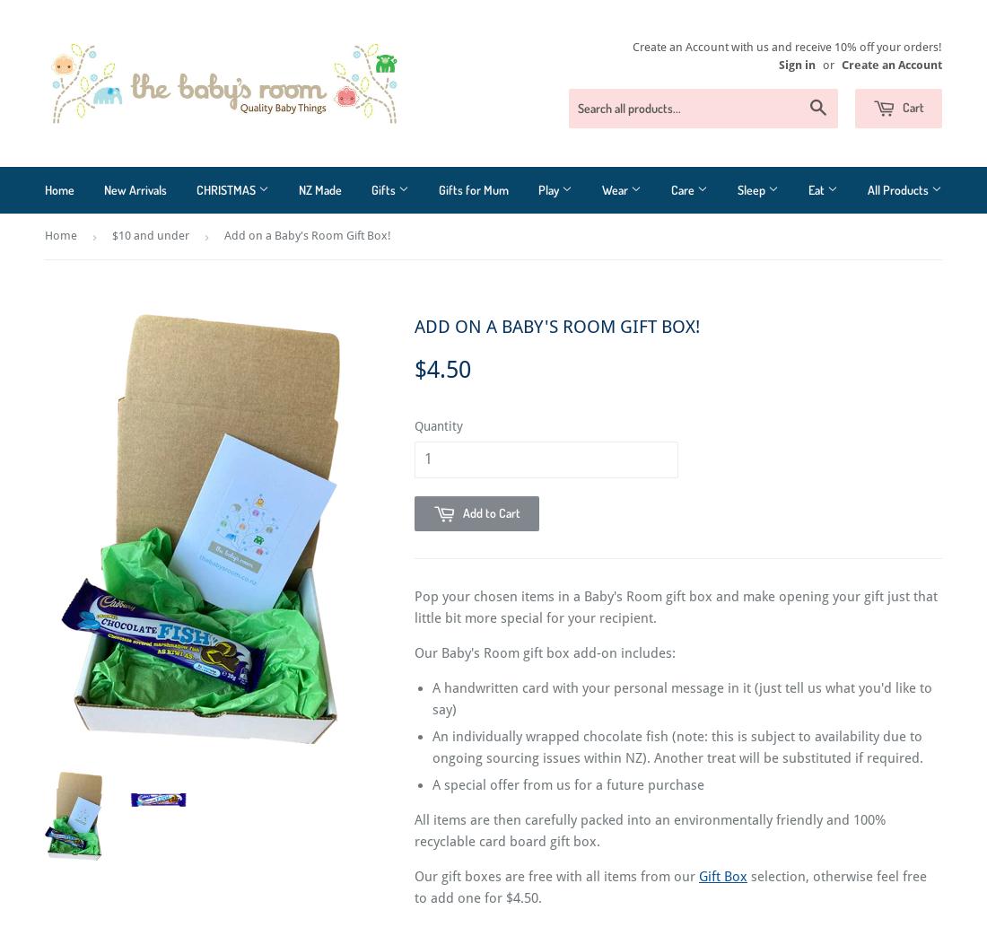 The image size is (987, 936). Describe the element at coordinates (890, 64) in the screenshot. I see `'Create an Account'` at that location.